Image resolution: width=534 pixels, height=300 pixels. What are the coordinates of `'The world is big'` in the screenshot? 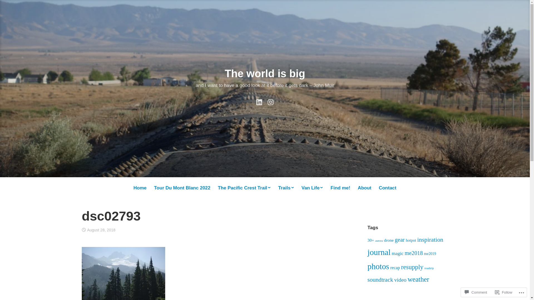 It's located at (264, 73).